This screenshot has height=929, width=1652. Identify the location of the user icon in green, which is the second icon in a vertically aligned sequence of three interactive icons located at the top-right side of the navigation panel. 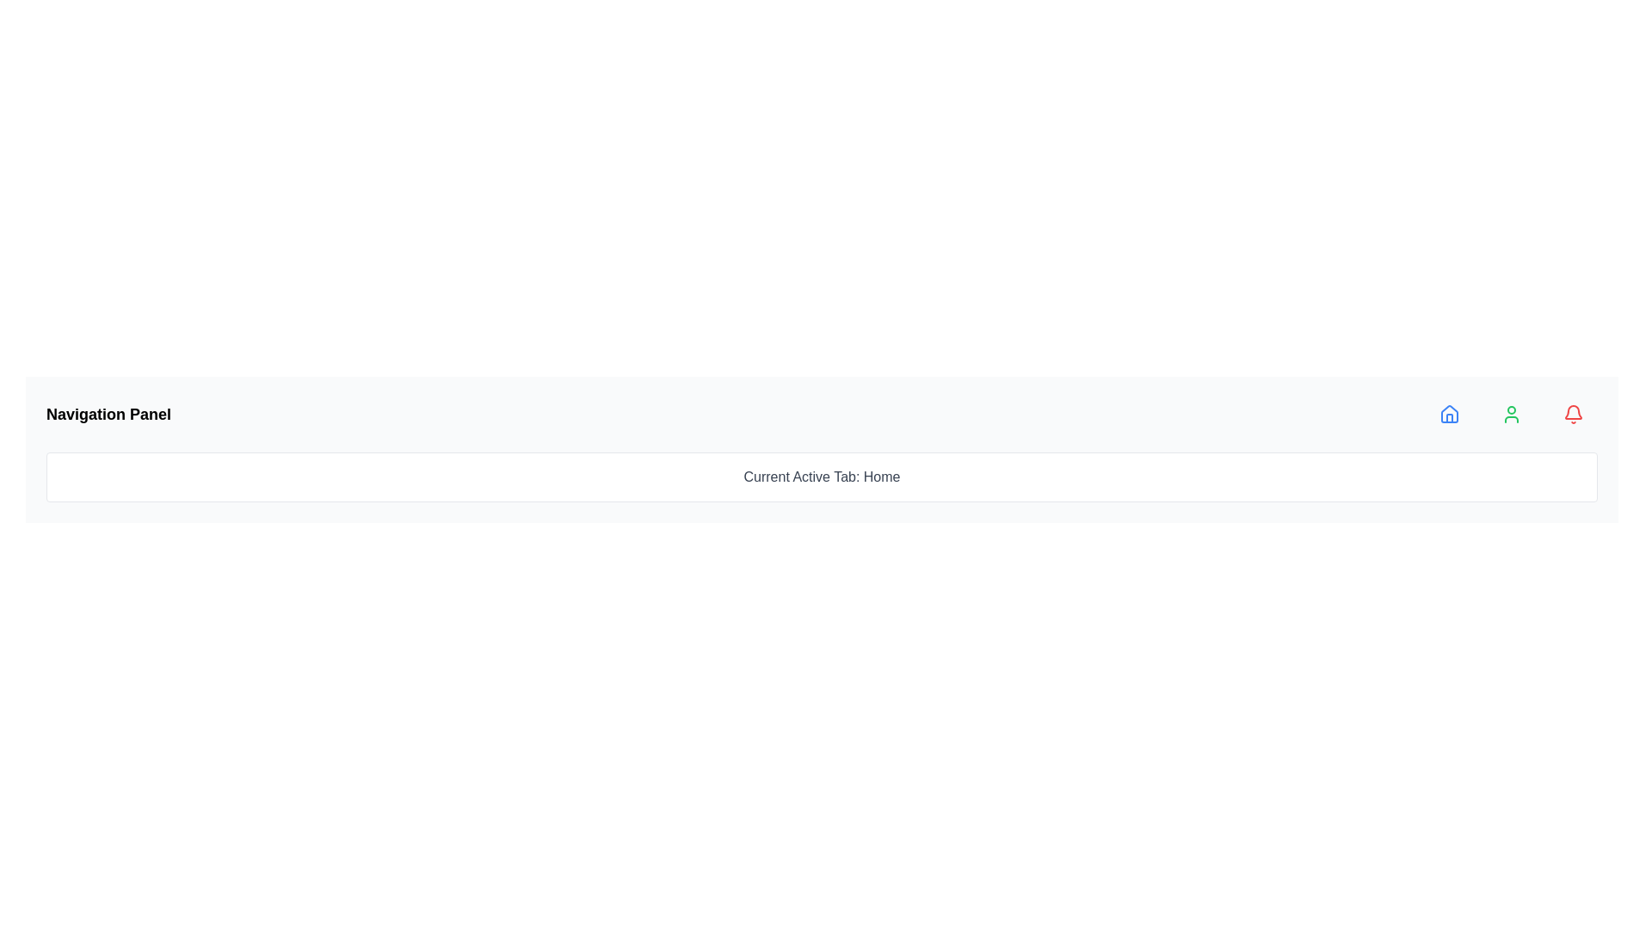
(1510, 415).